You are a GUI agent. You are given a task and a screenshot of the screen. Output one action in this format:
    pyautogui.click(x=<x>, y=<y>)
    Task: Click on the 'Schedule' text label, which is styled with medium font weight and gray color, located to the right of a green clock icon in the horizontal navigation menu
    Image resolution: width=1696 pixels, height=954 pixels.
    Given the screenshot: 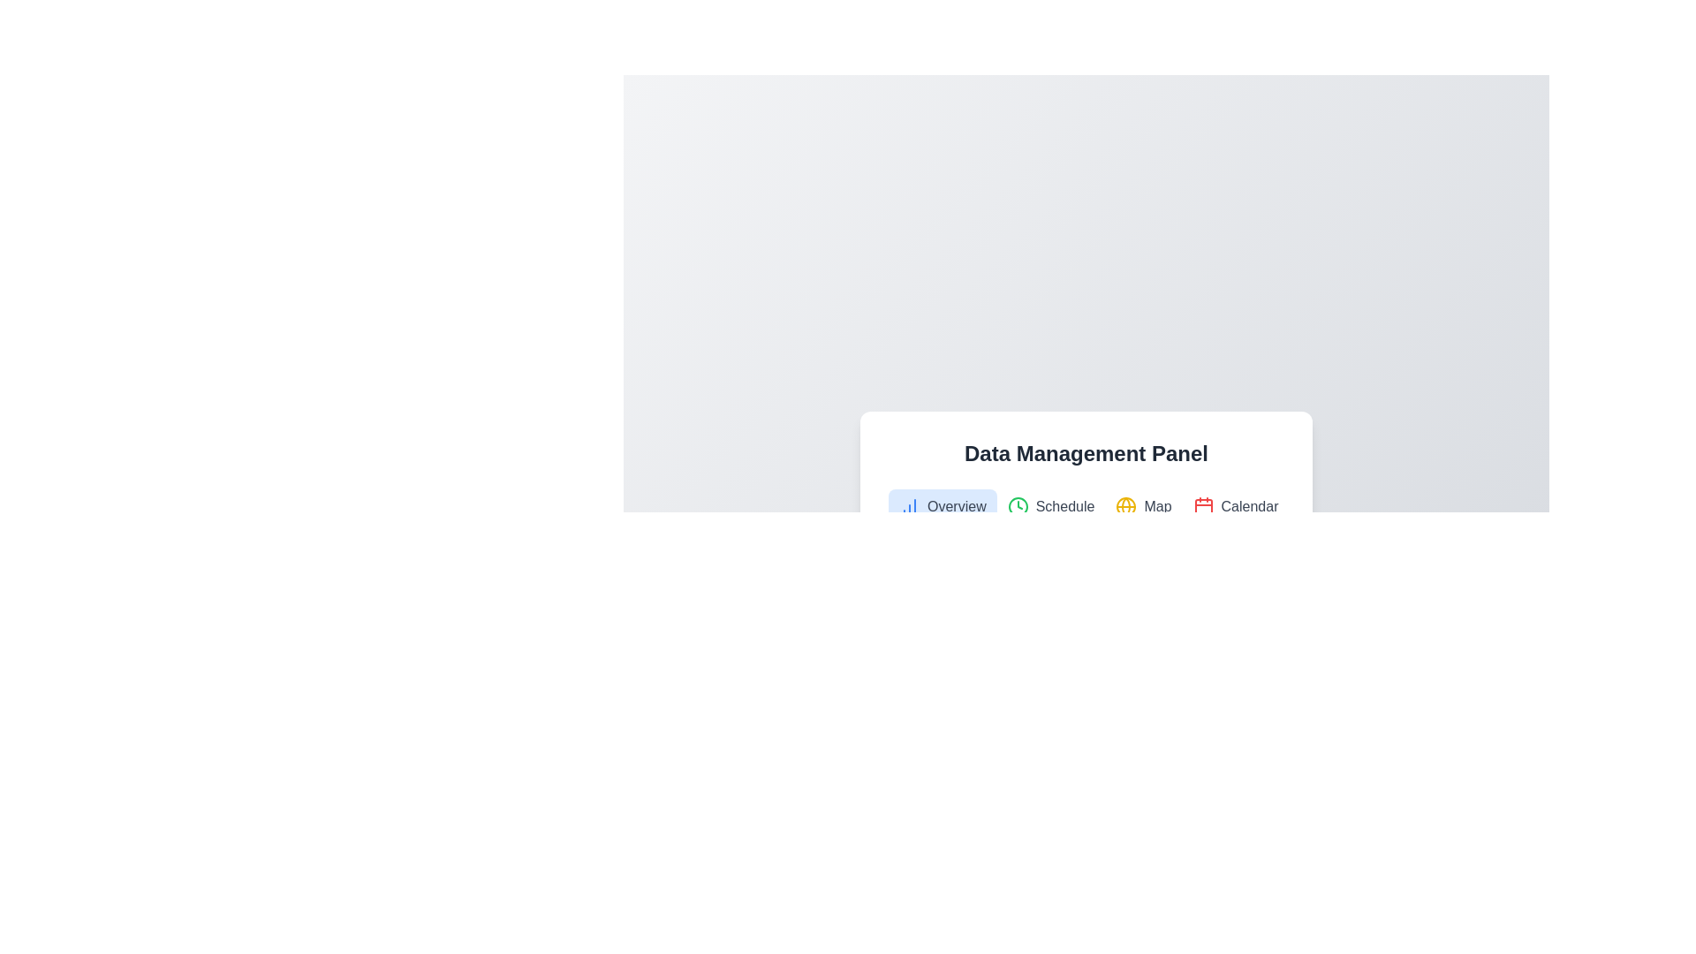 What is the action you would take?
    pyautogui.click(x=1064, y=507)
    